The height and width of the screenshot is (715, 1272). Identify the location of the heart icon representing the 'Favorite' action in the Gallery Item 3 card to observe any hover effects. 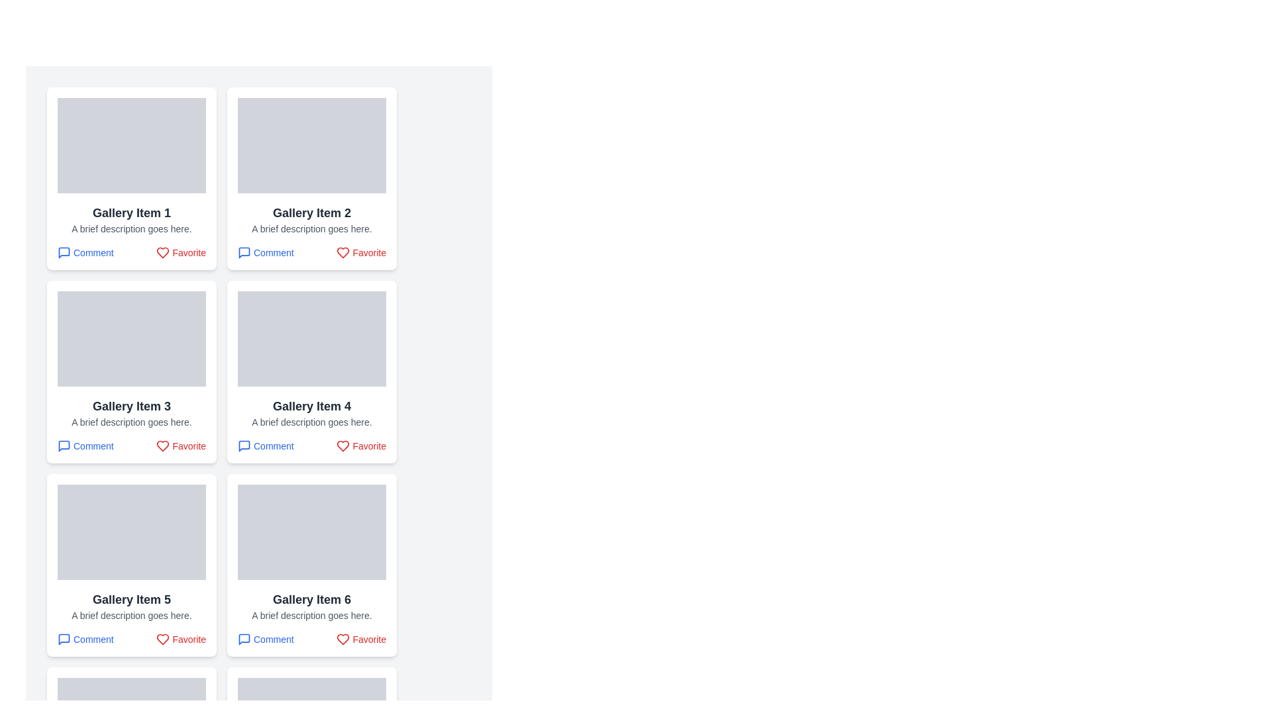
(162, 446).